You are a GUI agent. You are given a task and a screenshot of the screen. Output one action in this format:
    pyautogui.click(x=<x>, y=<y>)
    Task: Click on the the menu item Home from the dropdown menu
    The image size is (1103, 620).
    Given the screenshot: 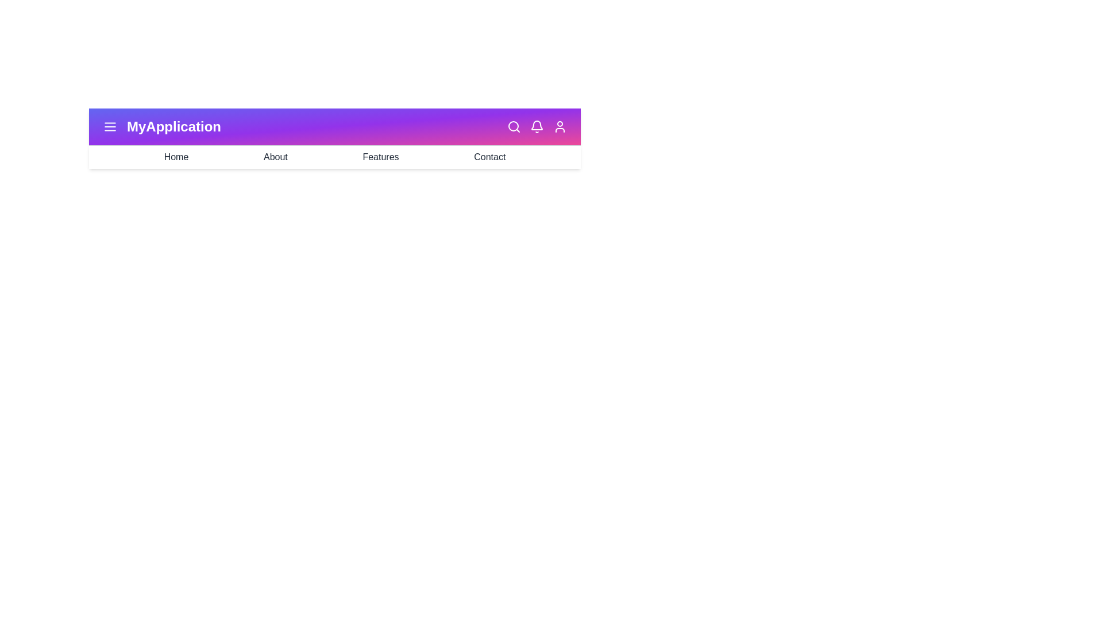 What is the action you would take?
    pyautogui.click(x=176, y=157)
    